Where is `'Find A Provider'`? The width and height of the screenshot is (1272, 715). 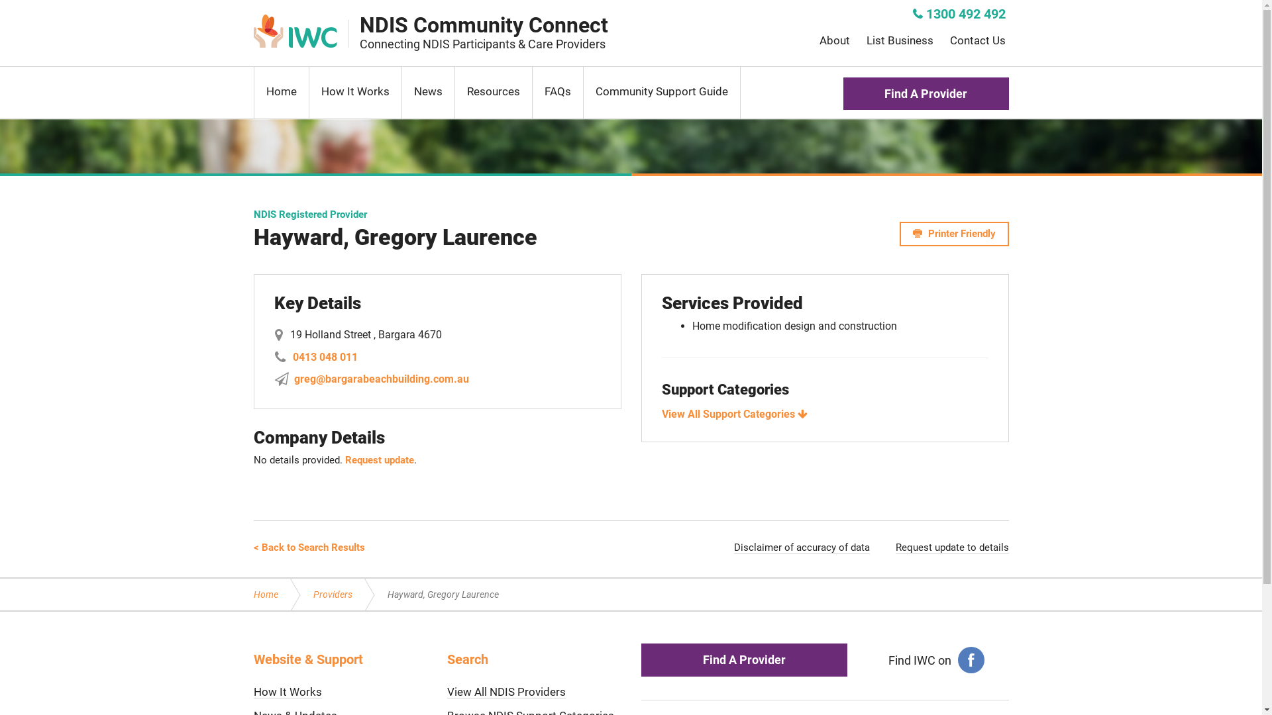 'Find A Provider' is located at coordinates (924, 93).